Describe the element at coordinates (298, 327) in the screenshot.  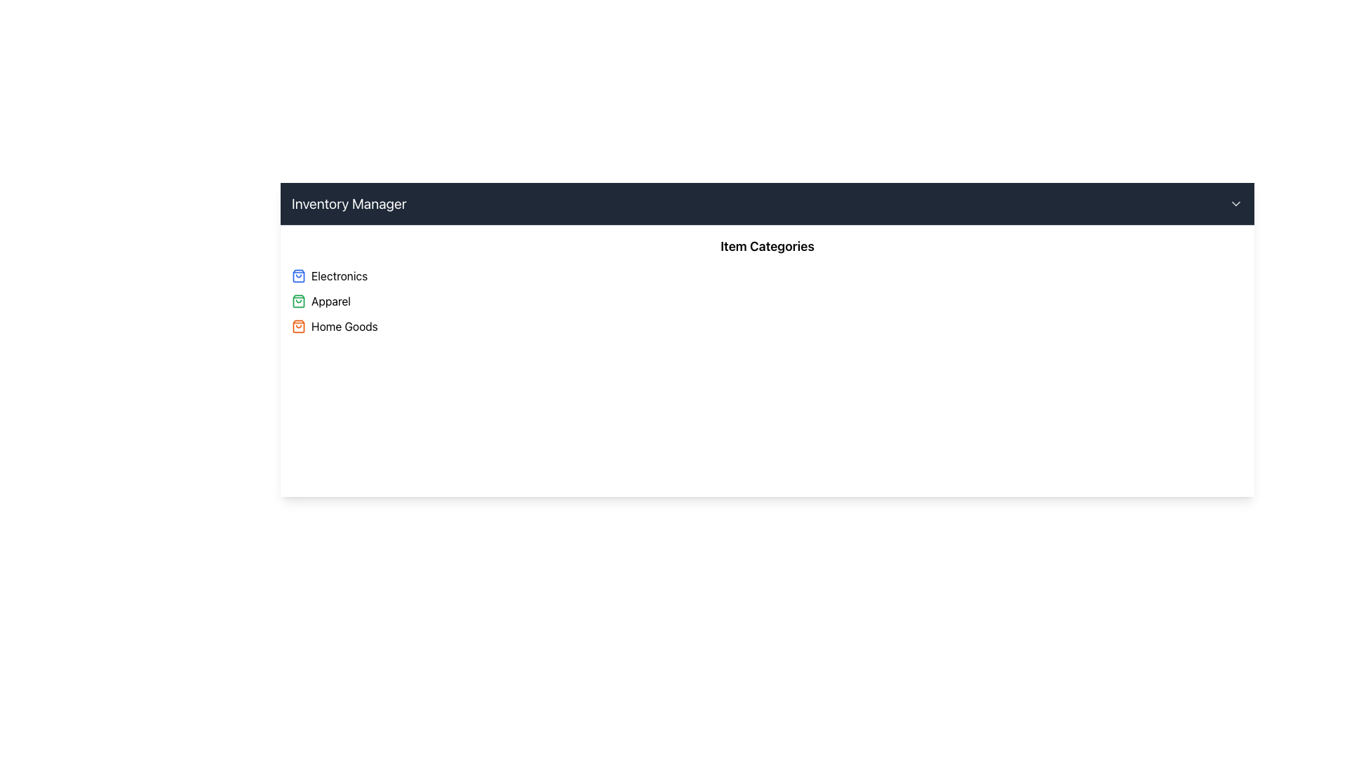
I see `the 'Home Goods' icon located within the 'Home Goods' category, which is the third item in the vertically stacked list below the 'Item Categories' heading` at that location.